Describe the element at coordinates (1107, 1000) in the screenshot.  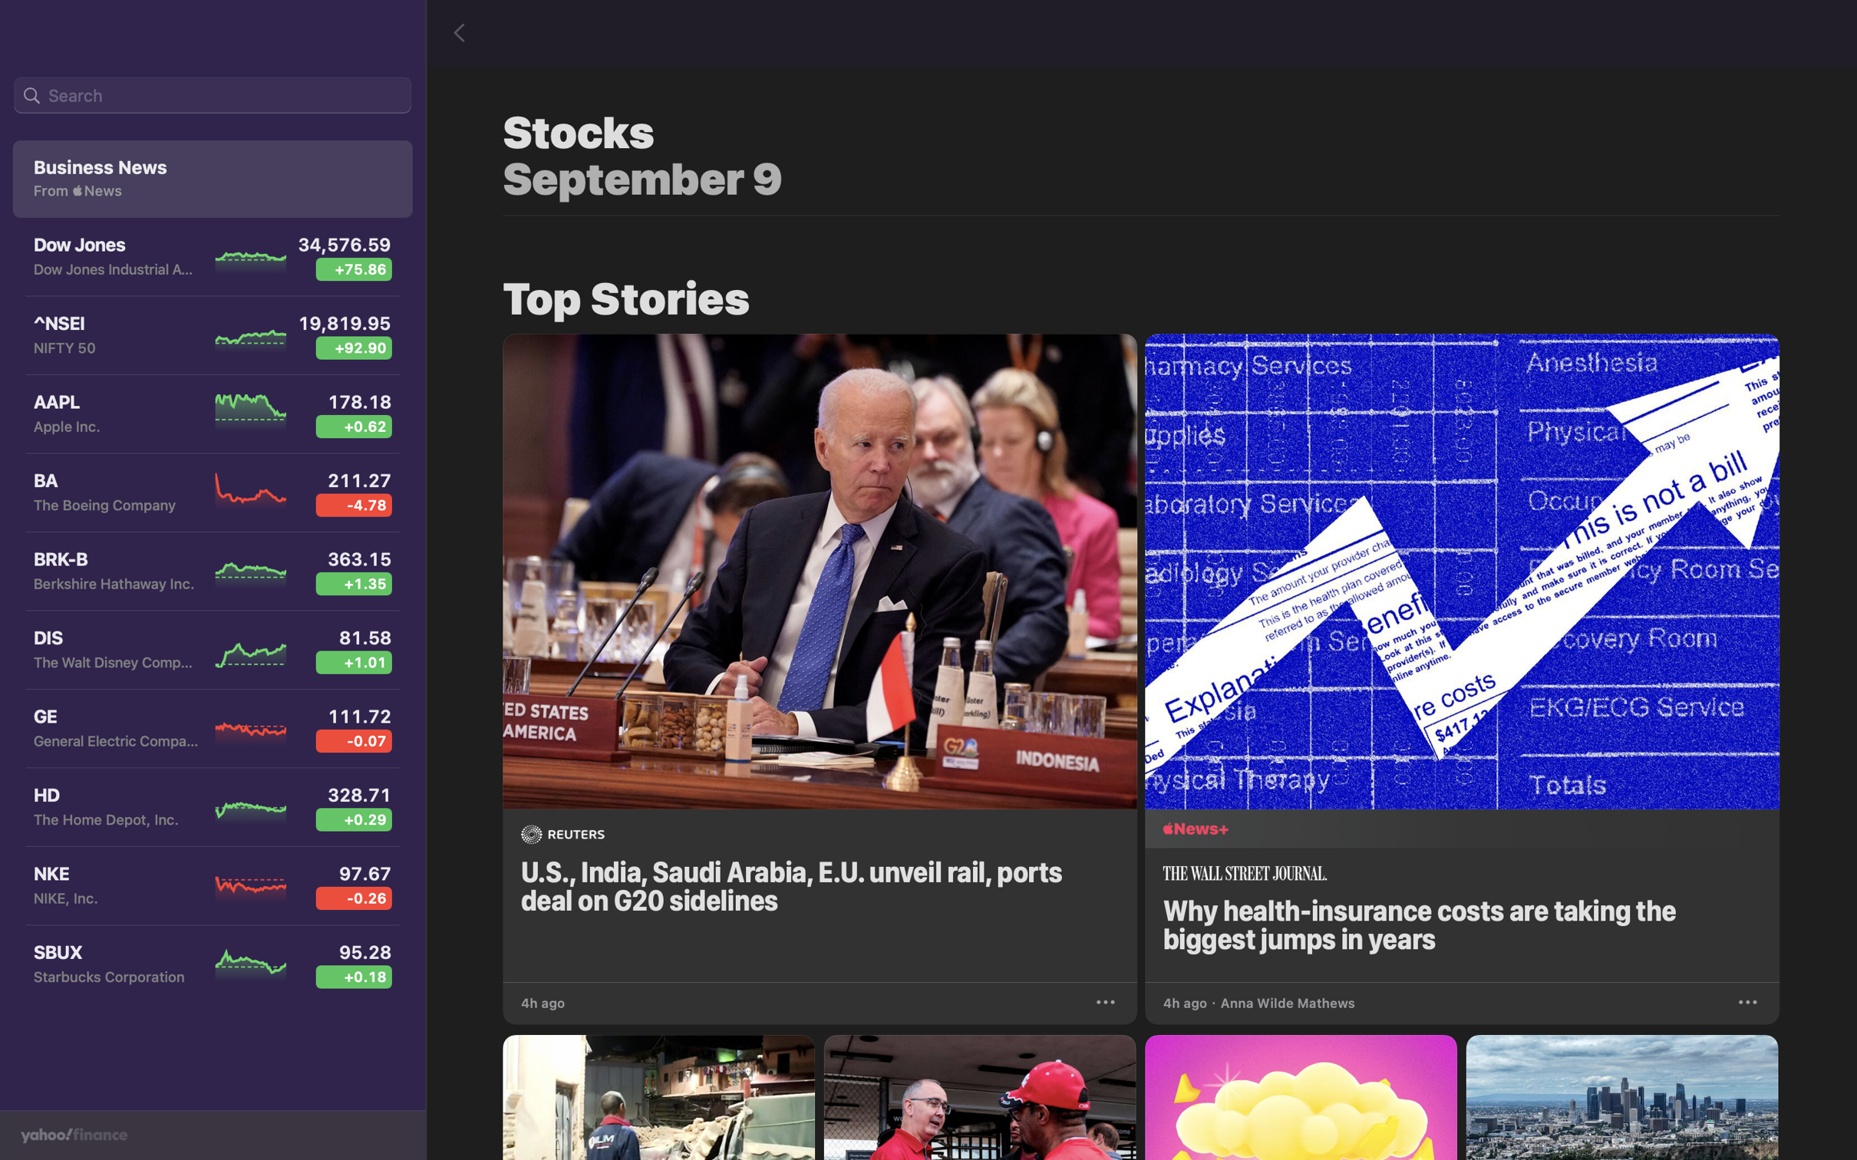
I see `Store the news related to G20` at that location.